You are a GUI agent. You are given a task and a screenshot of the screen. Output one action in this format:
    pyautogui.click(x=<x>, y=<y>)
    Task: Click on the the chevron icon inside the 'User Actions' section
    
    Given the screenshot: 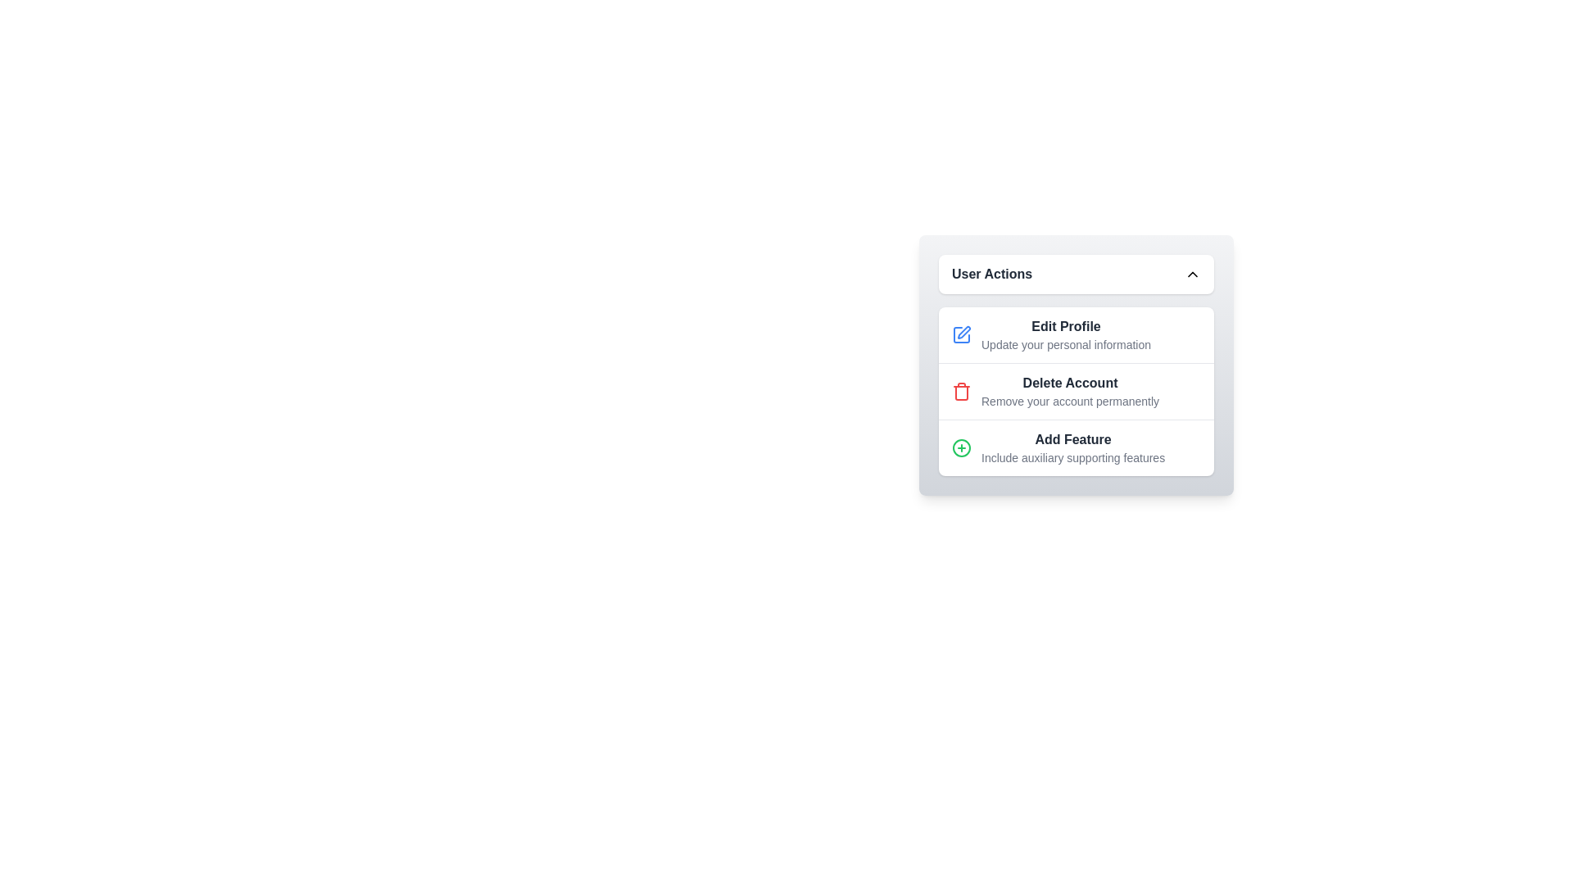 What is the action you would take?
    pyautogui.click(x=1192, y=274)
    